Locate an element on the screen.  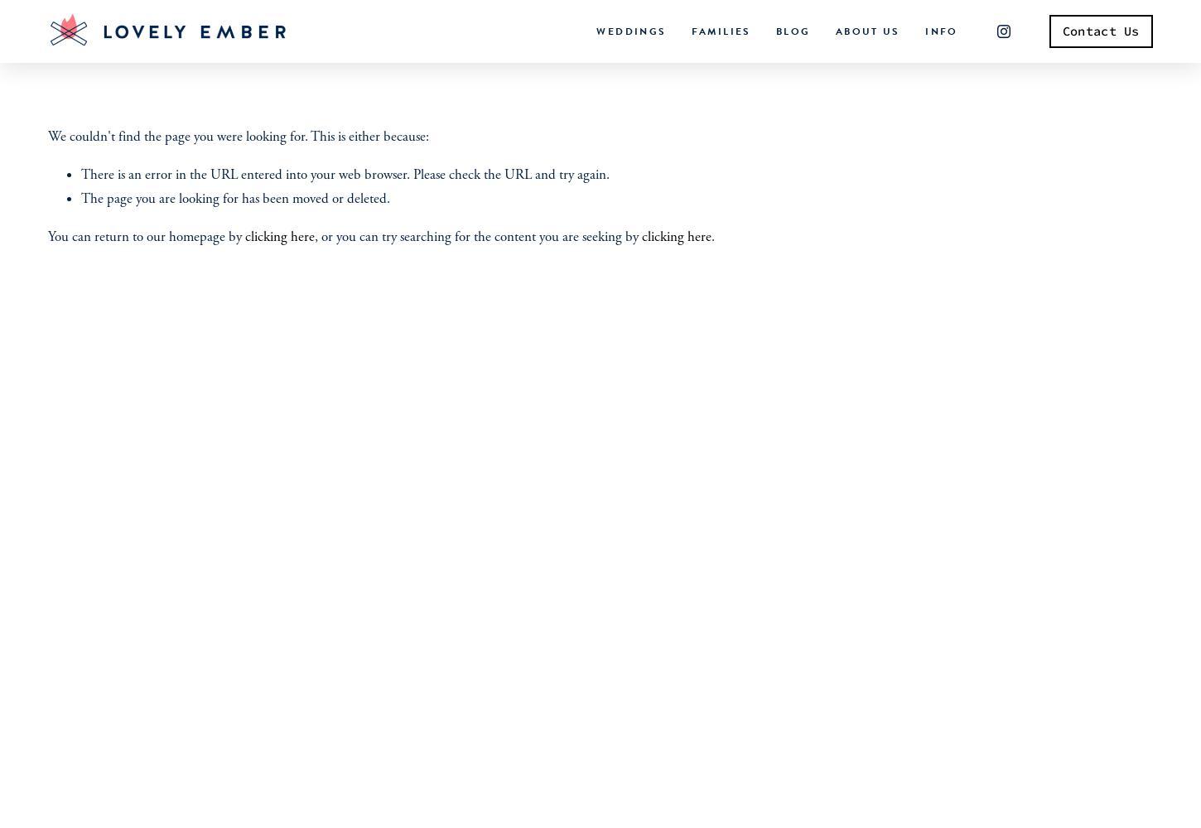
', or you can try searching for the
  content you are seeking by' is located at coordinates (478, 236).